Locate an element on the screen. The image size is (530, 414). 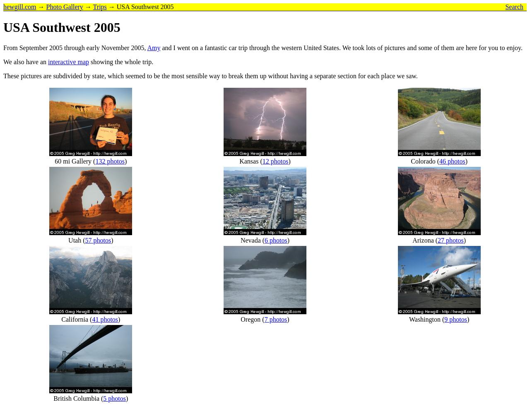
'Colorado
    (' is located at coordinates (425, 161).